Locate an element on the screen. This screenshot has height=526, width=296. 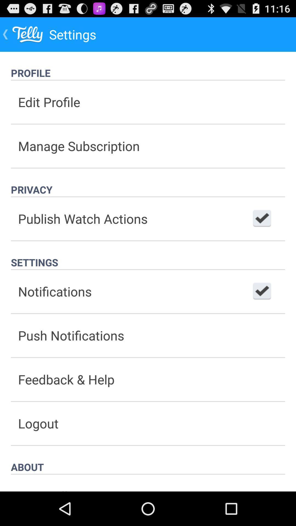
the icon above logout item is located at coordinates (148, 379).